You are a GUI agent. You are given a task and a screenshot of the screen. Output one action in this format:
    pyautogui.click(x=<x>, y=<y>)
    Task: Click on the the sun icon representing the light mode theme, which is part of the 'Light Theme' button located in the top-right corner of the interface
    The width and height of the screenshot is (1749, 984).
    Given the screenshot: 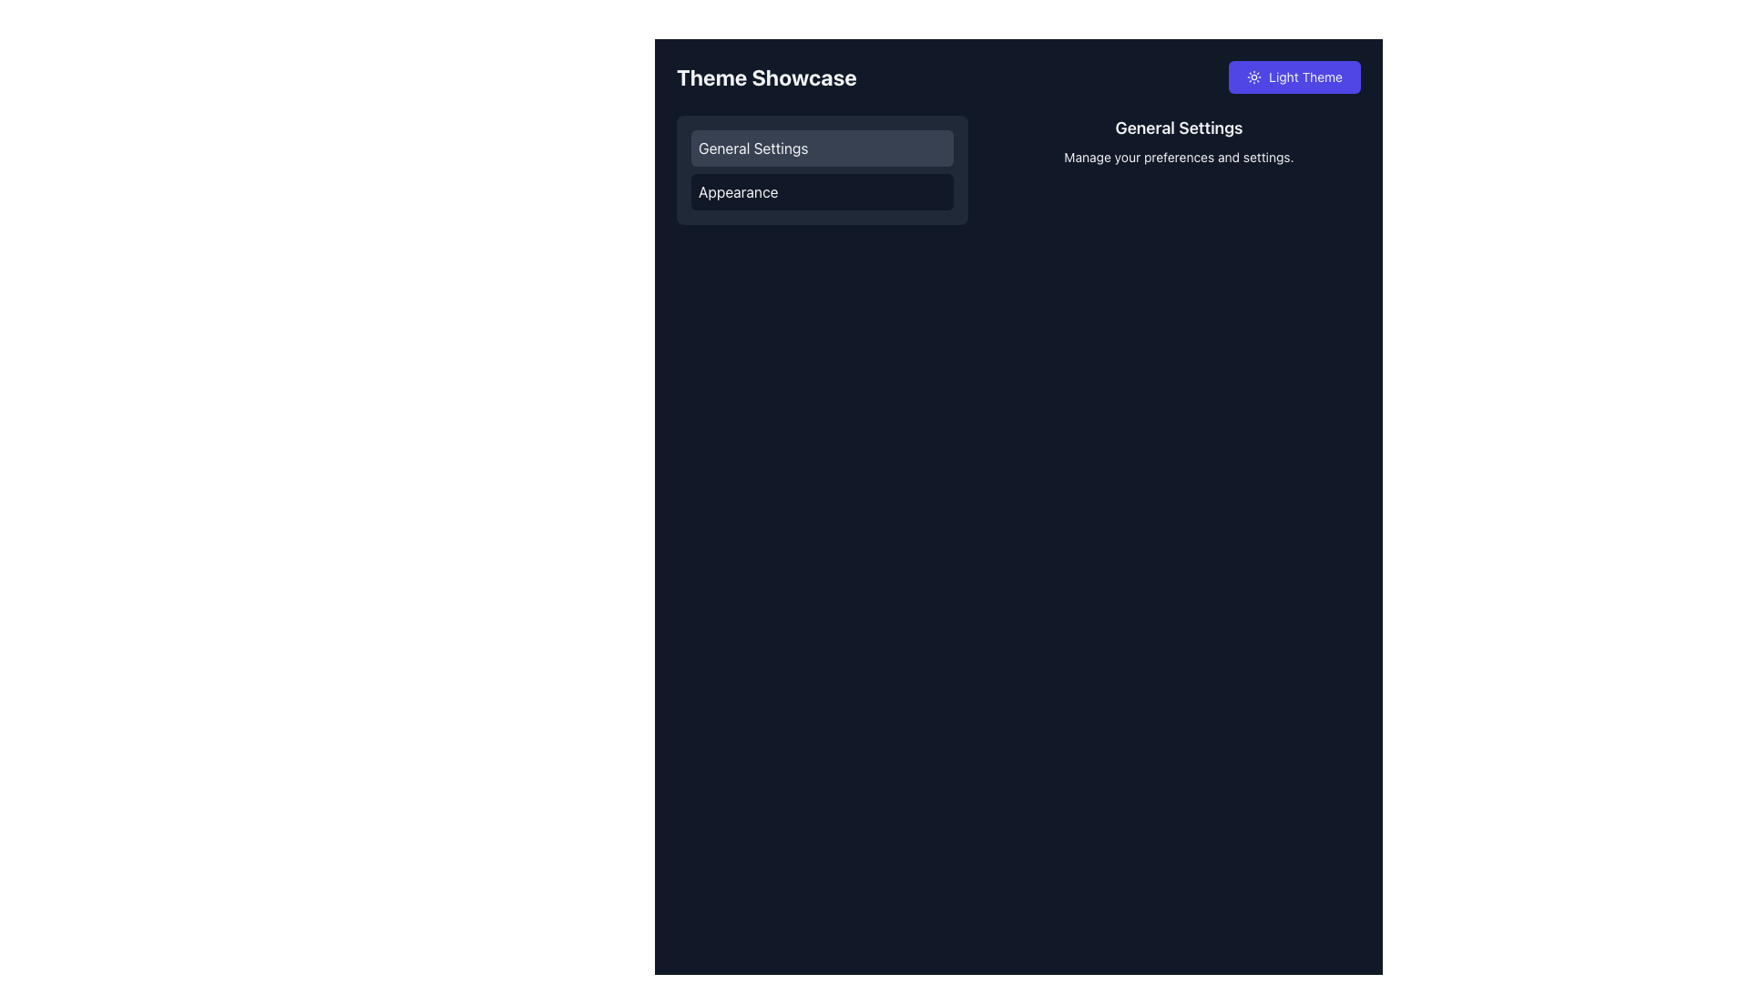 What is the action you would take?
    pyautogui.click(x=1253, y=76)
    